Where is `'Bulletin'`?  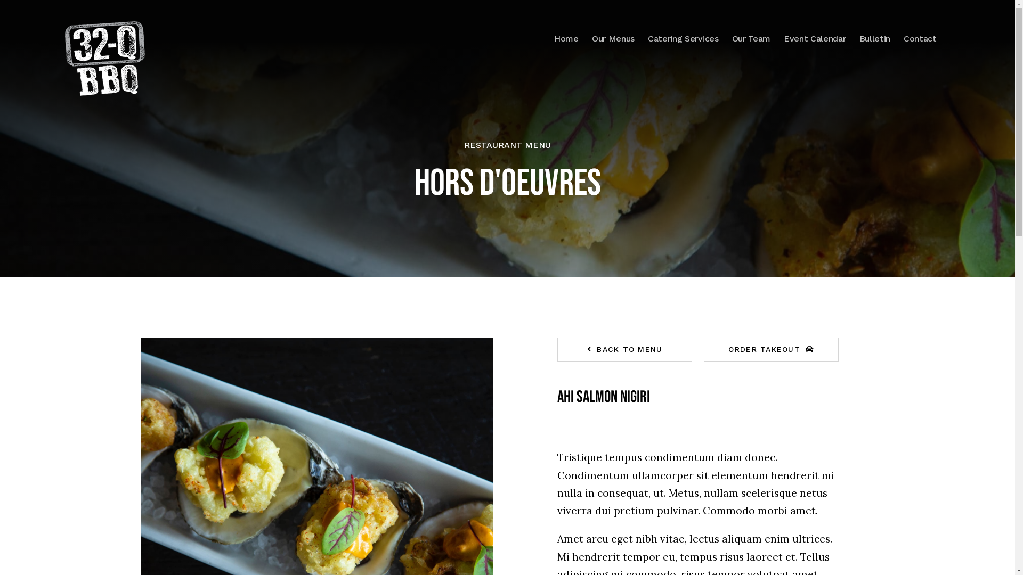
'Bulletin' is located at coordinates (874, 38).